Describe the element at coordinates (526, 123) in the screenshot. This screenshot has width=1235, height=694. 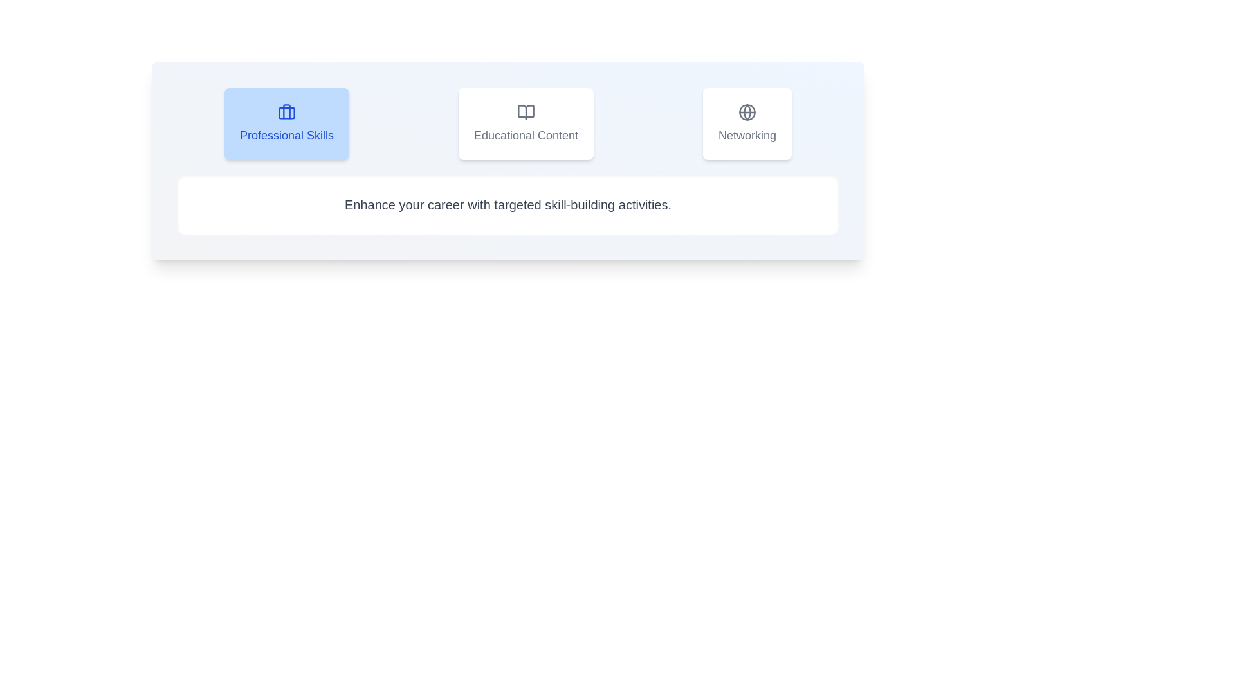
I see `the Educational Content tab to observe its hover effects` at that location.